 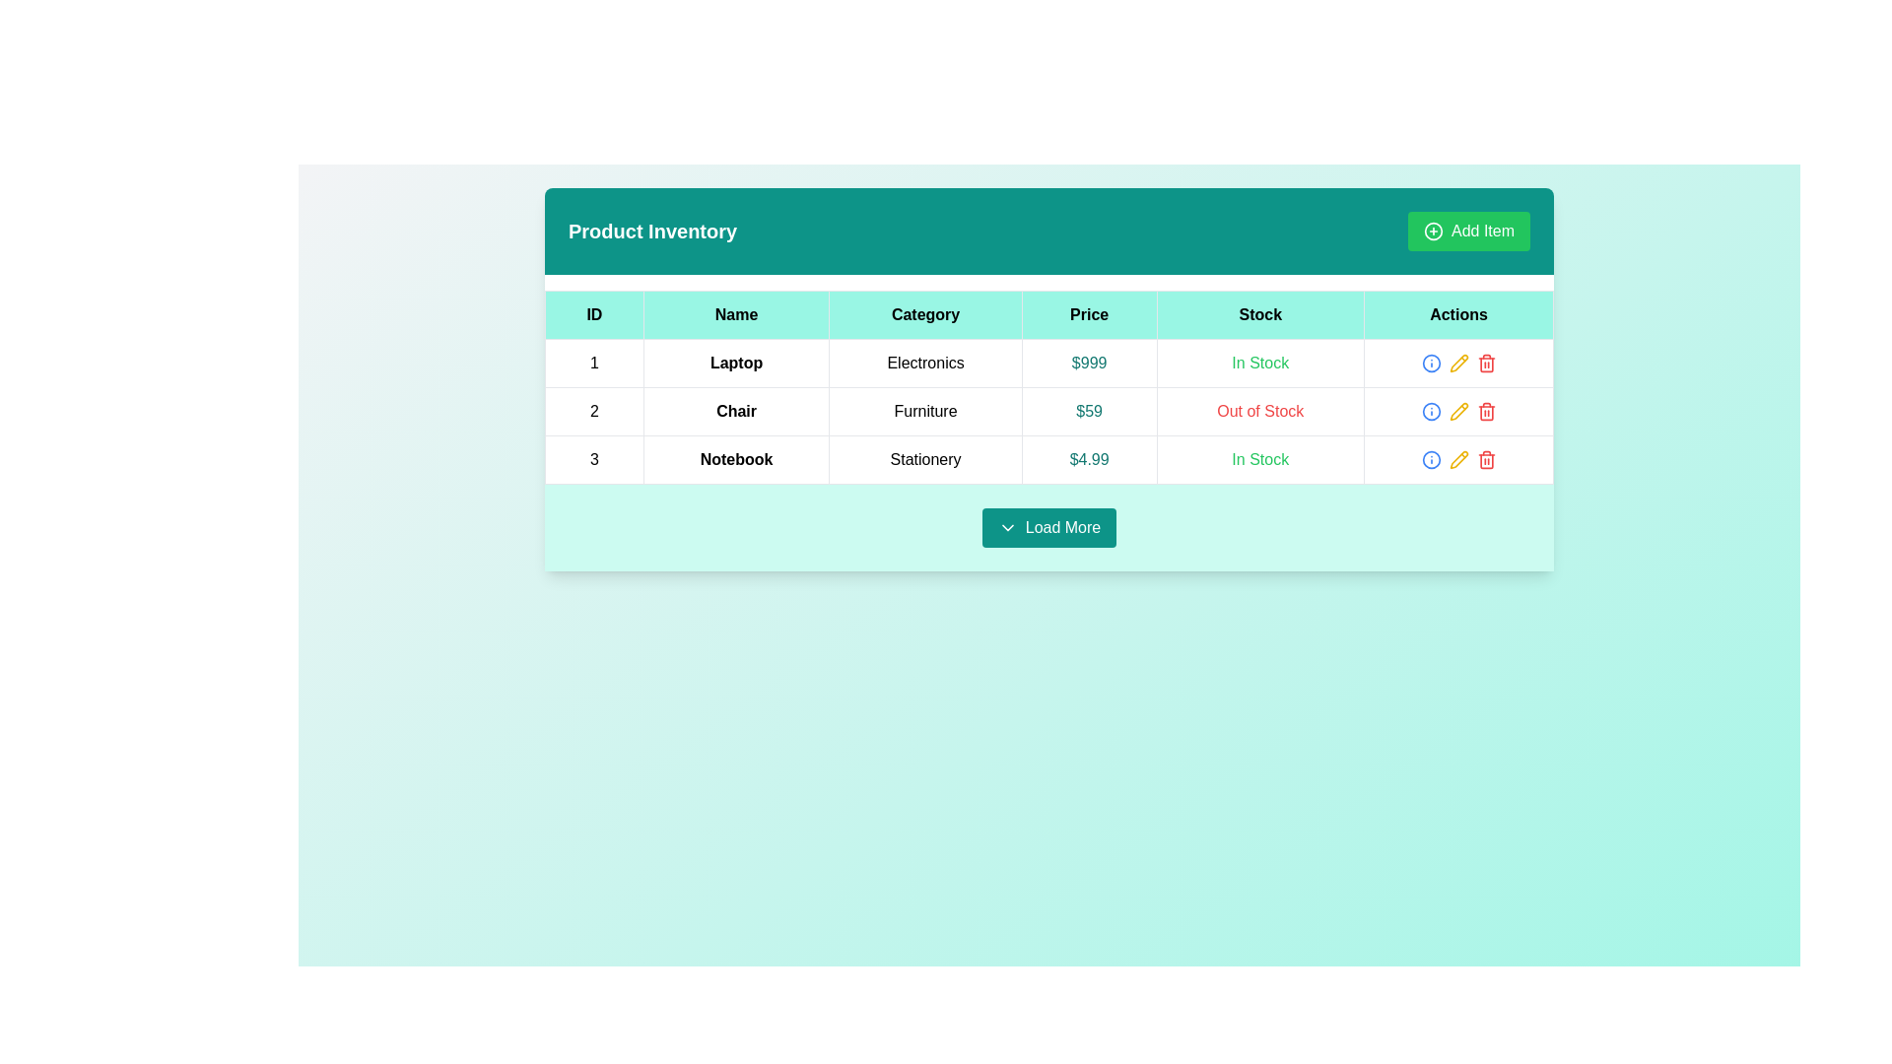 I want to click on the yellow pencil icon in the Actions column of the Notebook product row, so click(x=1458, y=459).